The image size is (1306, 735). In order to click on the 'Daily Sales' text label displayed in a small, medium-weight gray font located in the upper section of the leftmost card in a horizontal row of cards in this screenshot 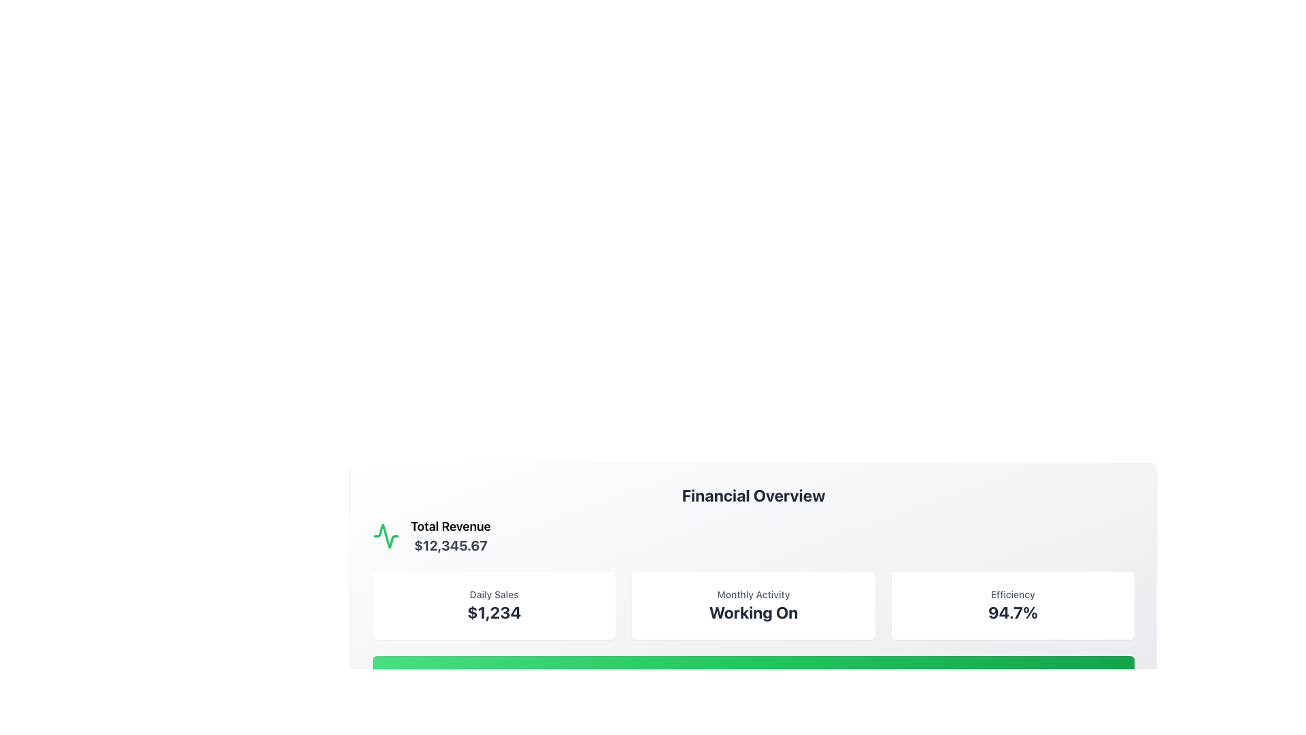, I will do `click(493, 594)`.